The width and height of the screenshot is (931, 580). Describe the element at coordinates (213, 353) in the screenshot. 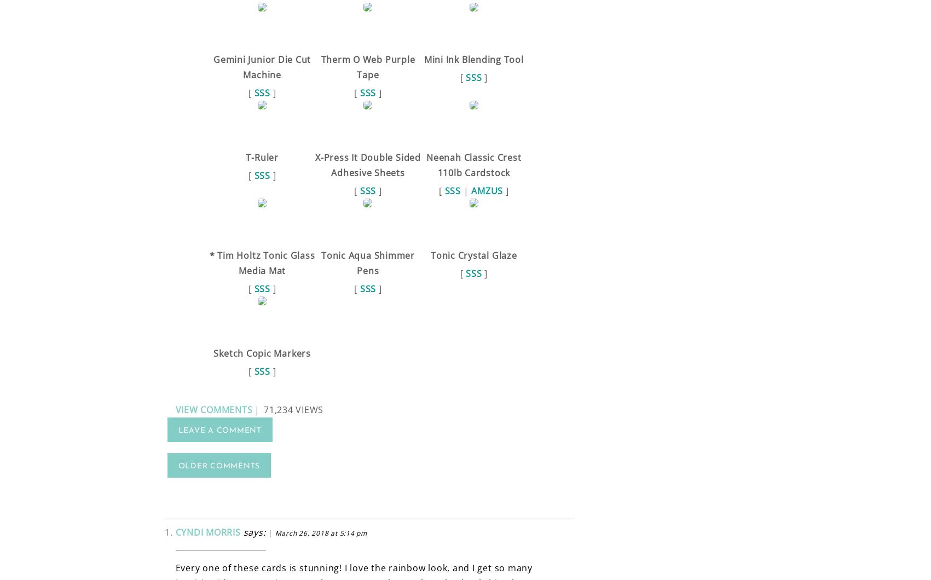

I see `'Sketch Copic Markers'` at that location.